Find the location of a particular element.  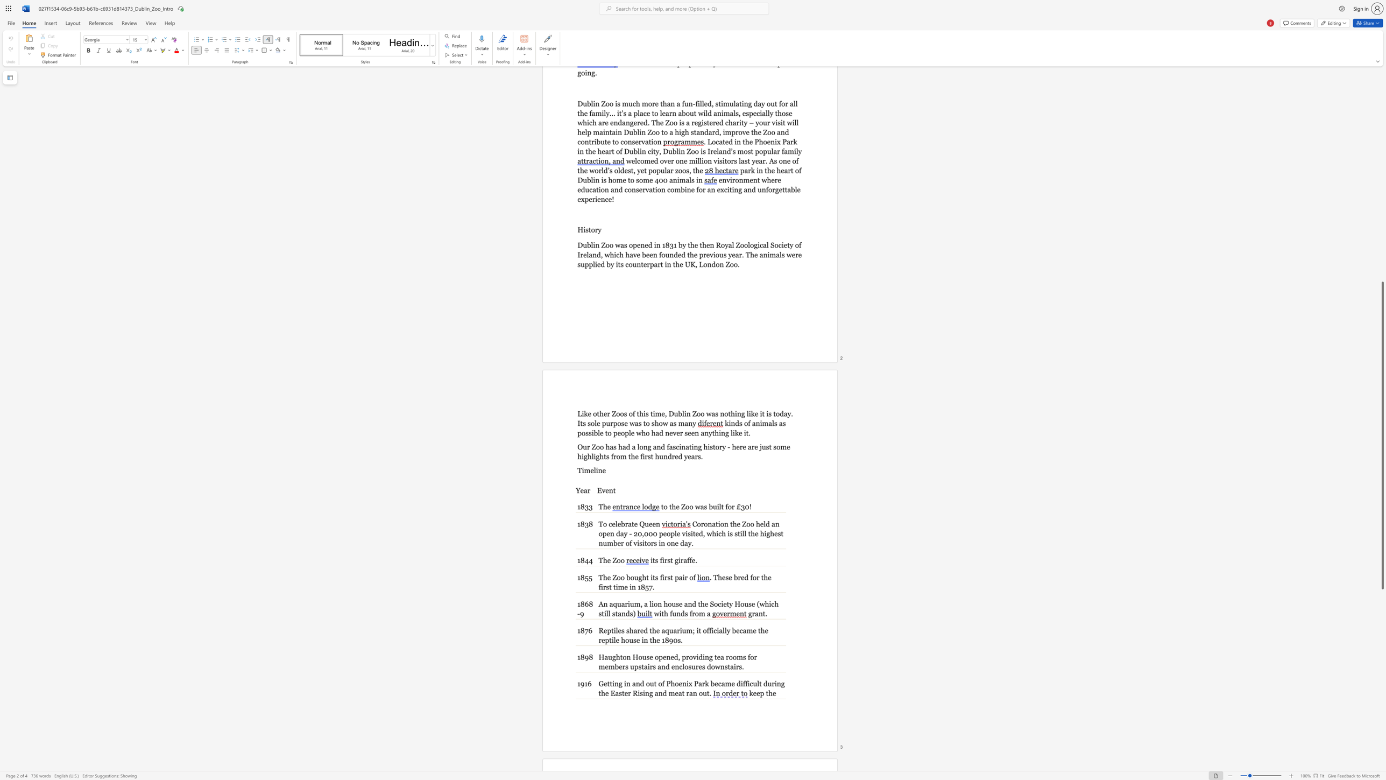

the 2th character "r" in the text is located at coordinates (678, 630).